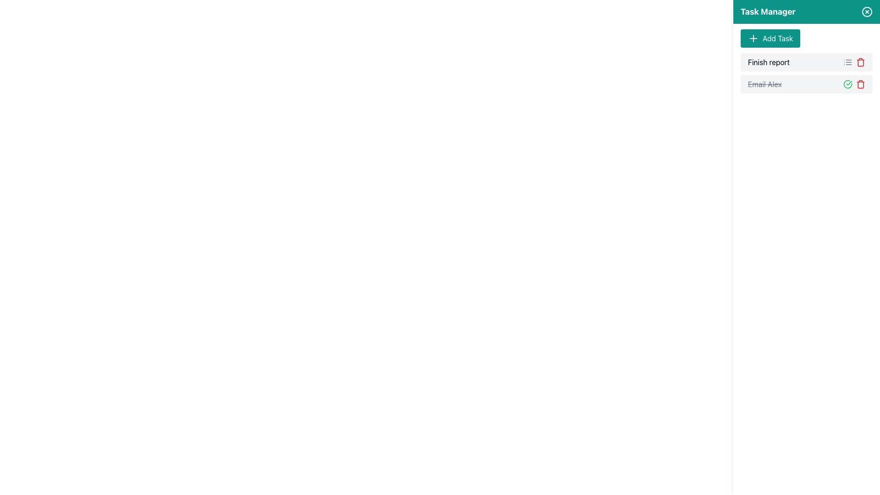  Describe the element at coordinates (860, 62) in the screenshot. I see `the central vertical rectangular segment of the red trash icon located to the right of the 'Finish report' list item in the task management interface` at that location.